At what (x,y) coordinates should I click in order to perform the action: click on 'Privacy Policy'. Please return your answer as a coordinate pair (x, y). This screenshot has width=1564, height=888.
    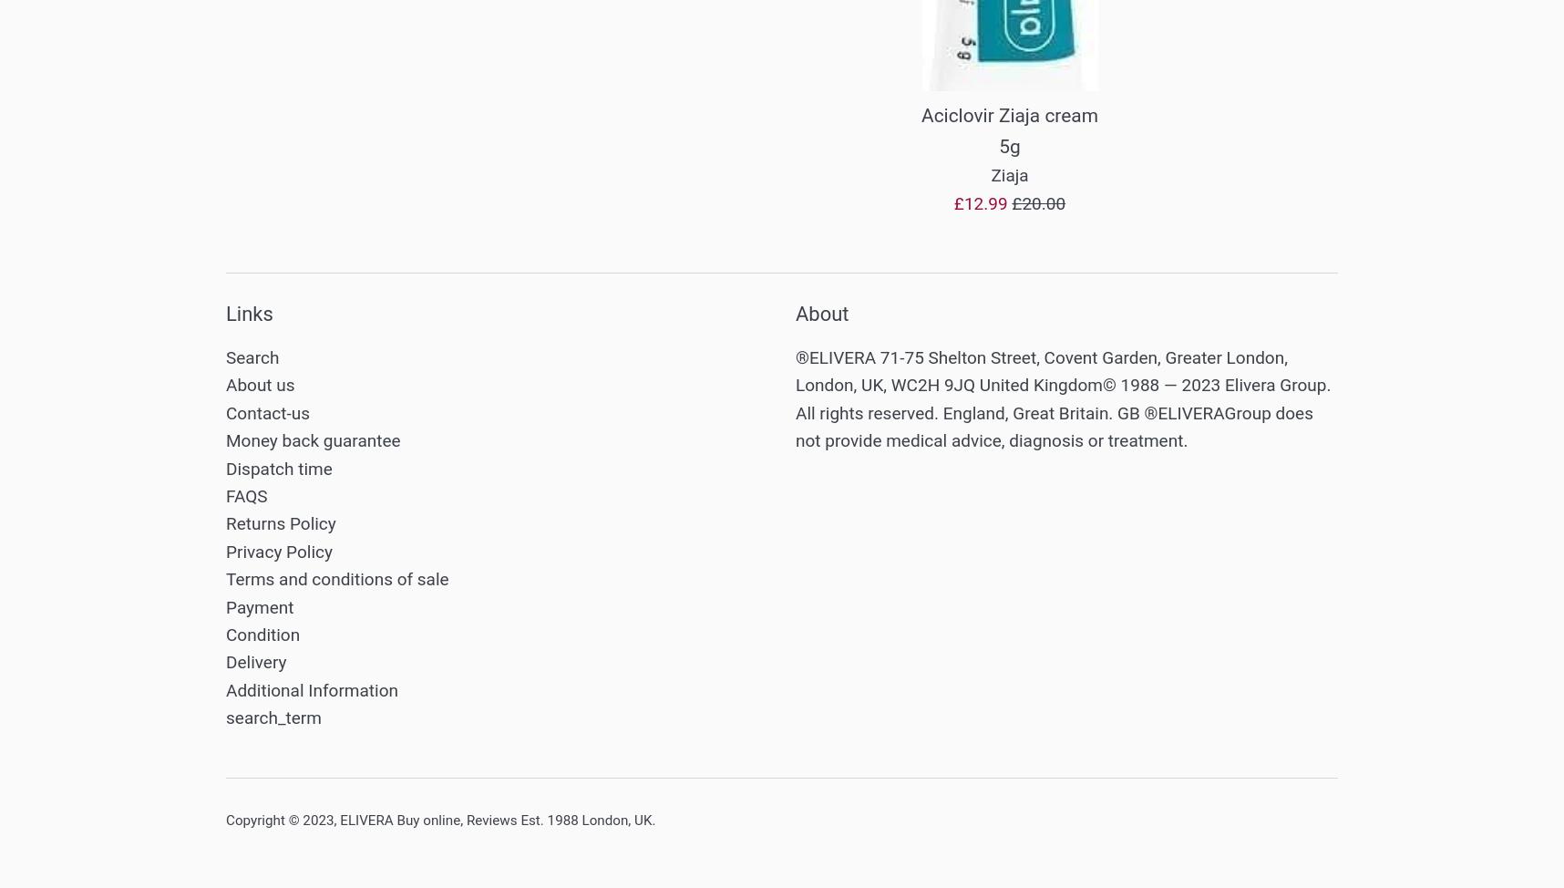
    Looking at the image, I should click on (277, 550).